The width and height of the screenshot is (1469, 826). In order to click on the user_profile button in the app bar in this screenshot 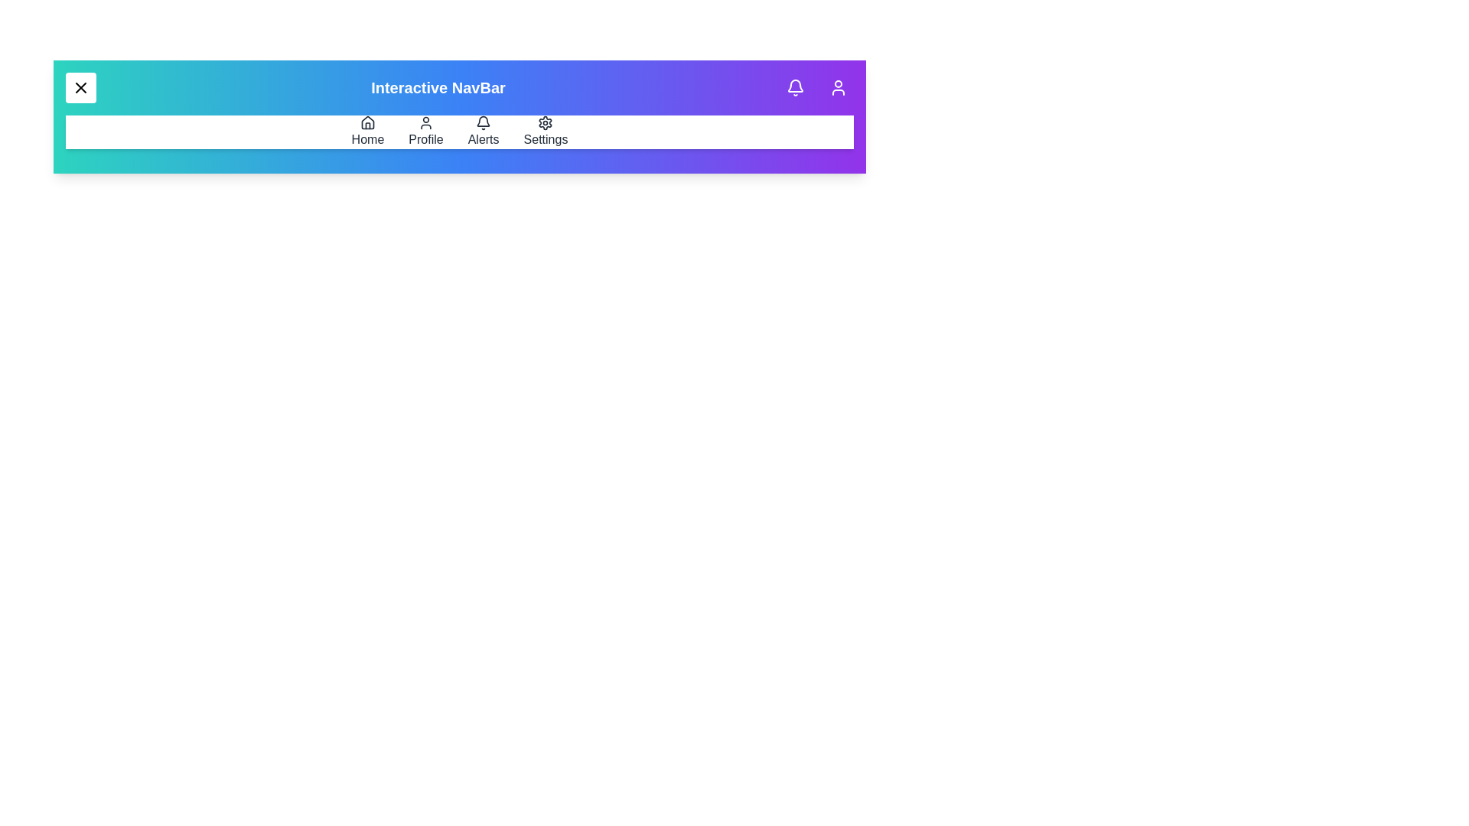, I will do `click(837, 88)`.